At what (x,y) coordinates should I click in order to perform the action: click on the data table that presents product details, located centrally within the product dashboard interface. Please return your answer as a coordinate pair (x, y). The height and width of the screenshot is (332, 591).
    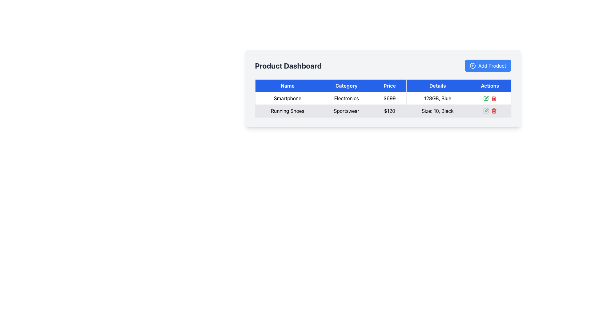
    Looking at the image, I should click on (383, 98).